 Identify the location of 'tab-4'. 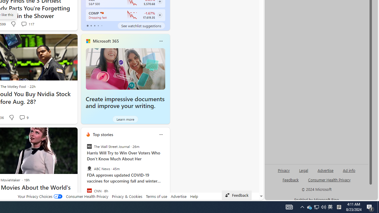
(102, 25).